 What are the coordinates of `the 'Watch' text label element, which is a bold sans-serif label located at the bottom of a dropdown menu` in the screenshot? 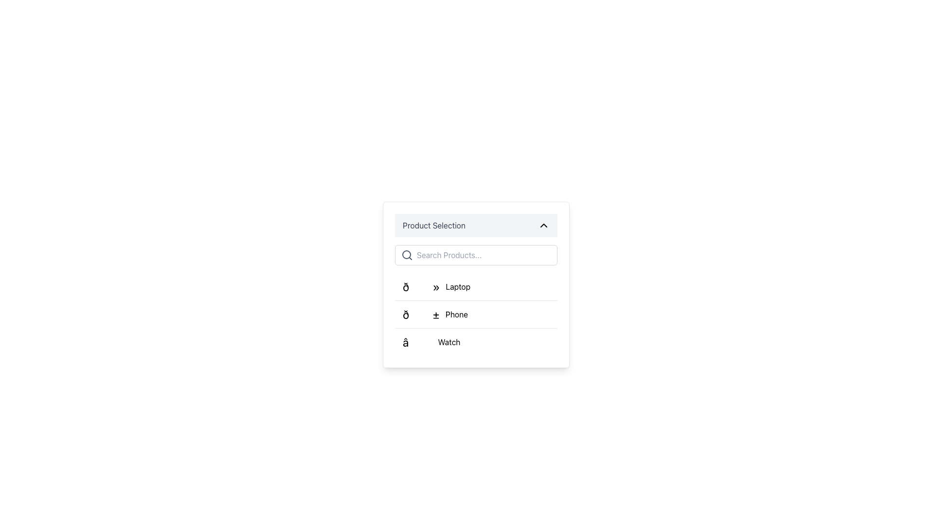 It's located at (449, 342).